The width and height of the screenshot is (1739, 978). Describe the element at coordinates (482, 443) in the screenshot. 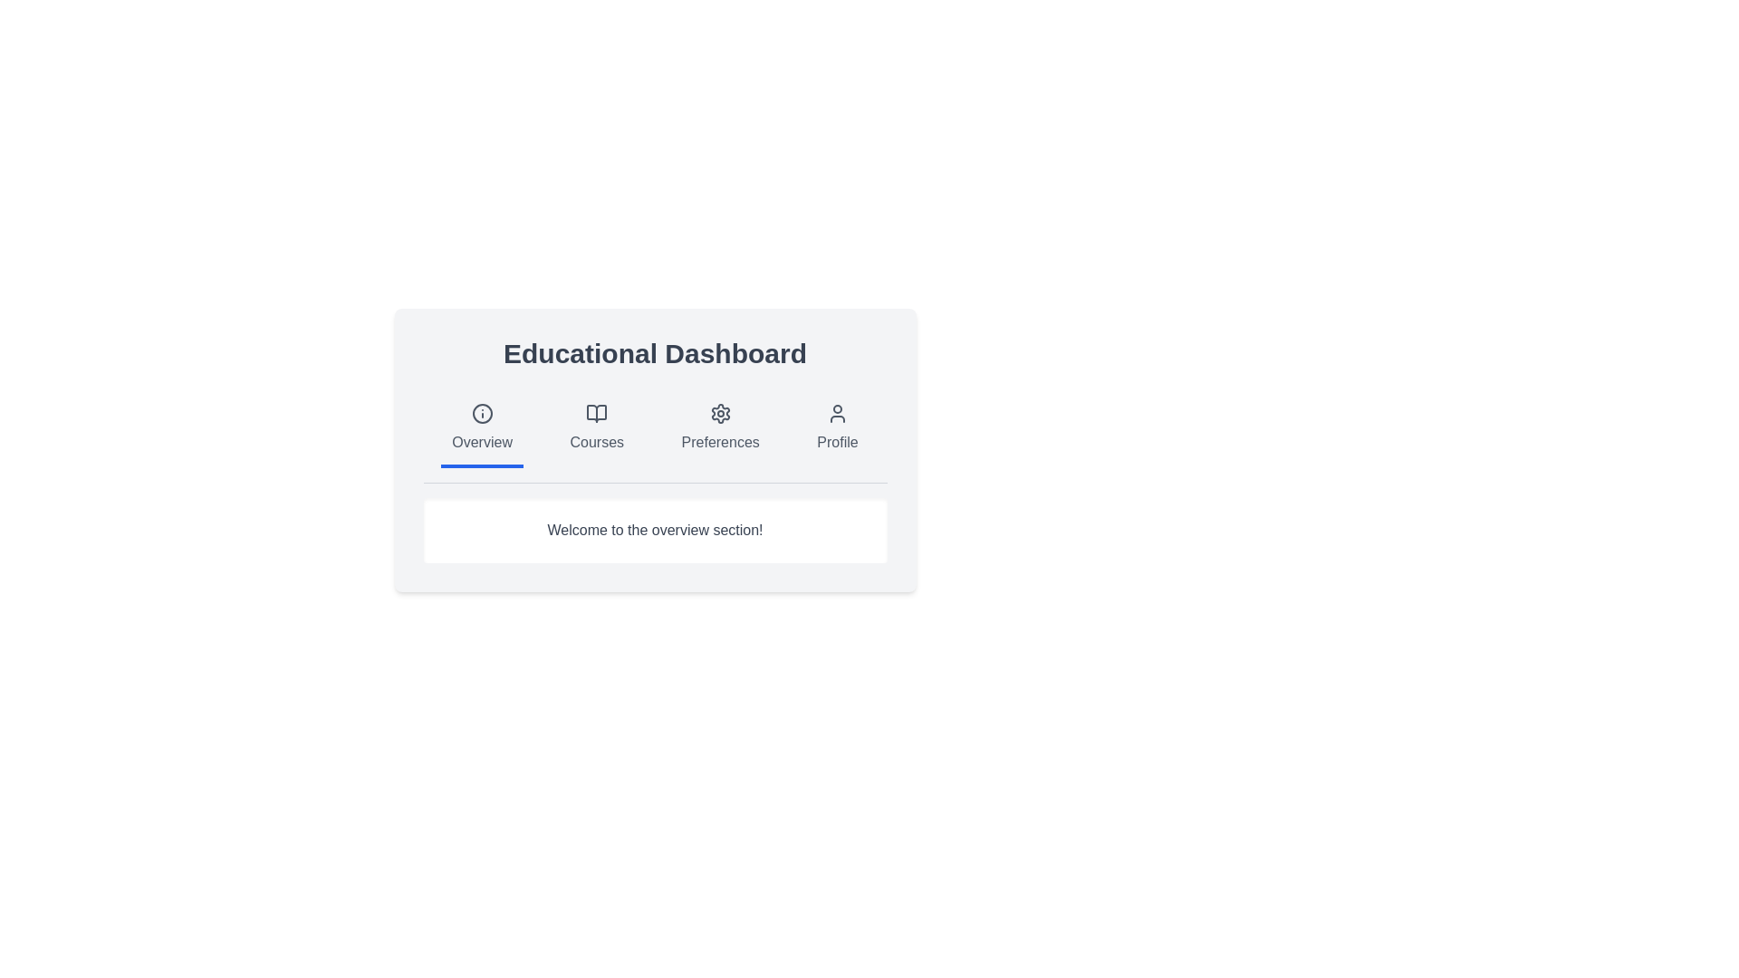

I see `text label stating 'Overview', which is styled in dark gray and located beneath the information icon in the main navigation options` at that location.